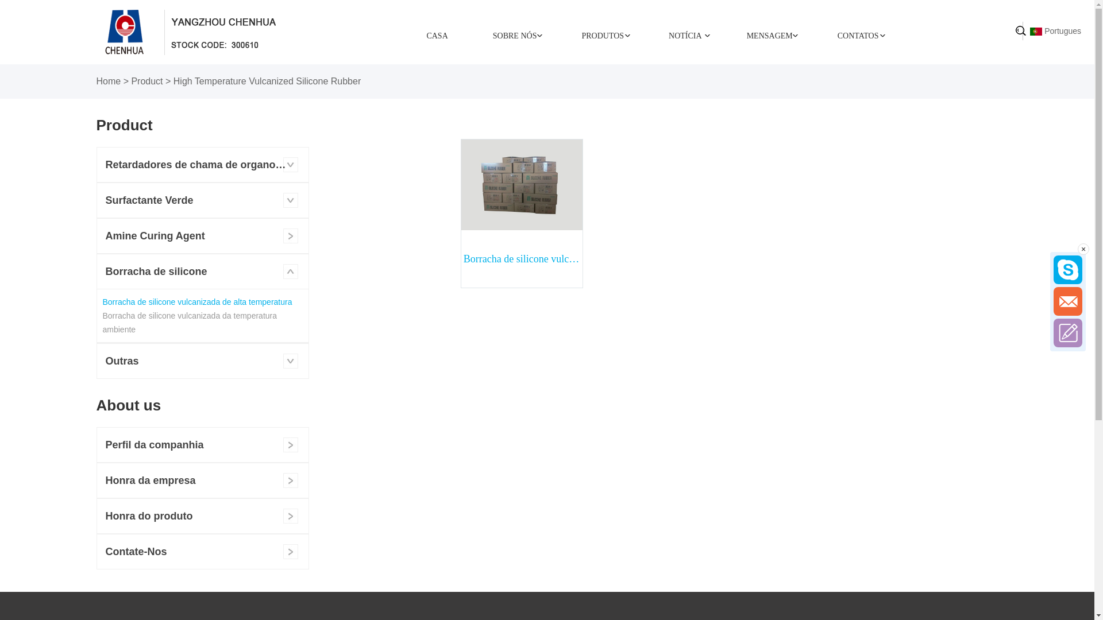 This screenshot has width=1103, height=620. What do you see at coordinates (769, 34) in the screenshot?
I see `'MENSAGEM'` at bounding box center [769, 34].